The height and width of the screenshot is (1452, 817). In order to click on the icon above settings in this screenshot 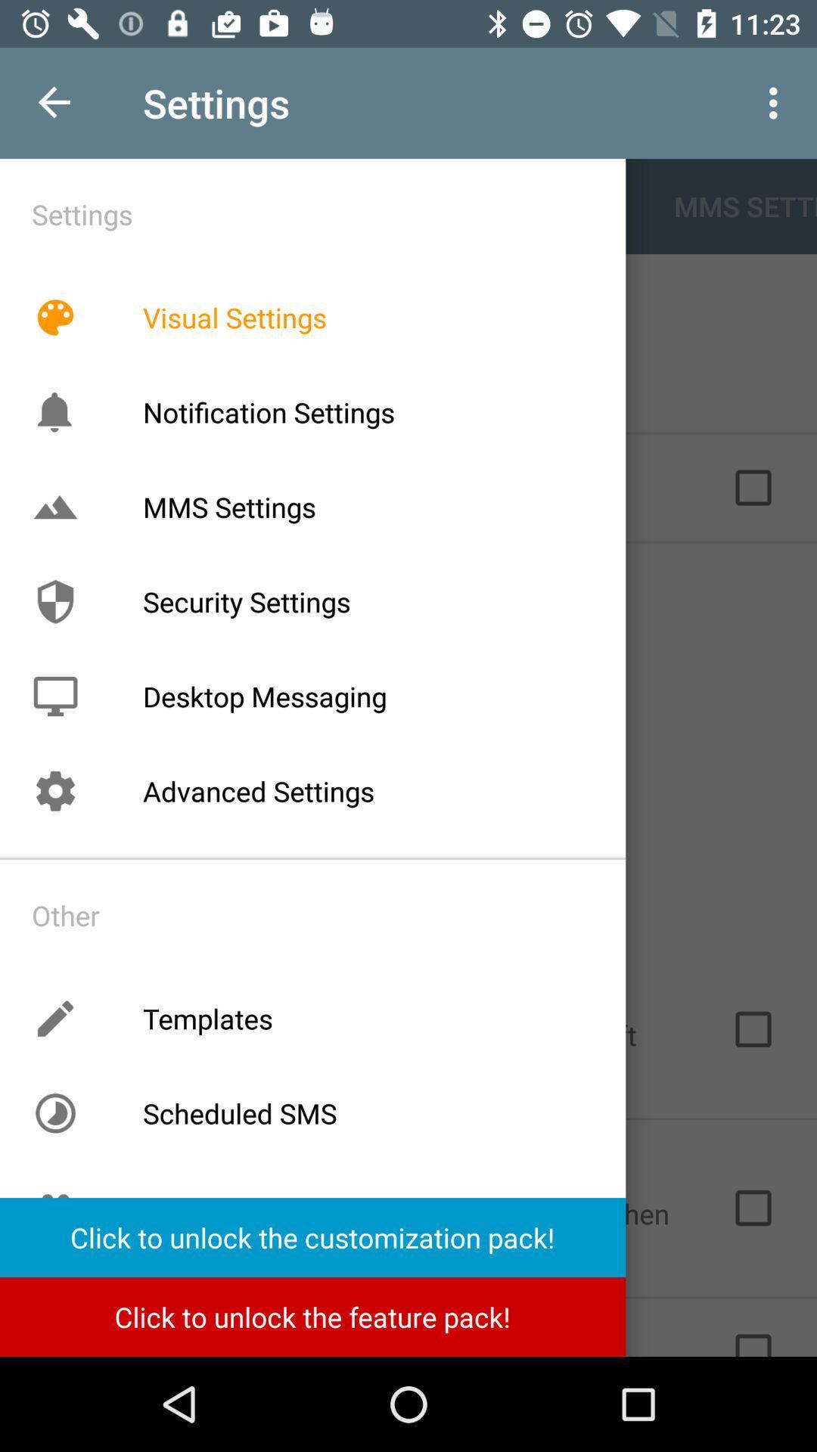, I will do `click(54, 696)`.